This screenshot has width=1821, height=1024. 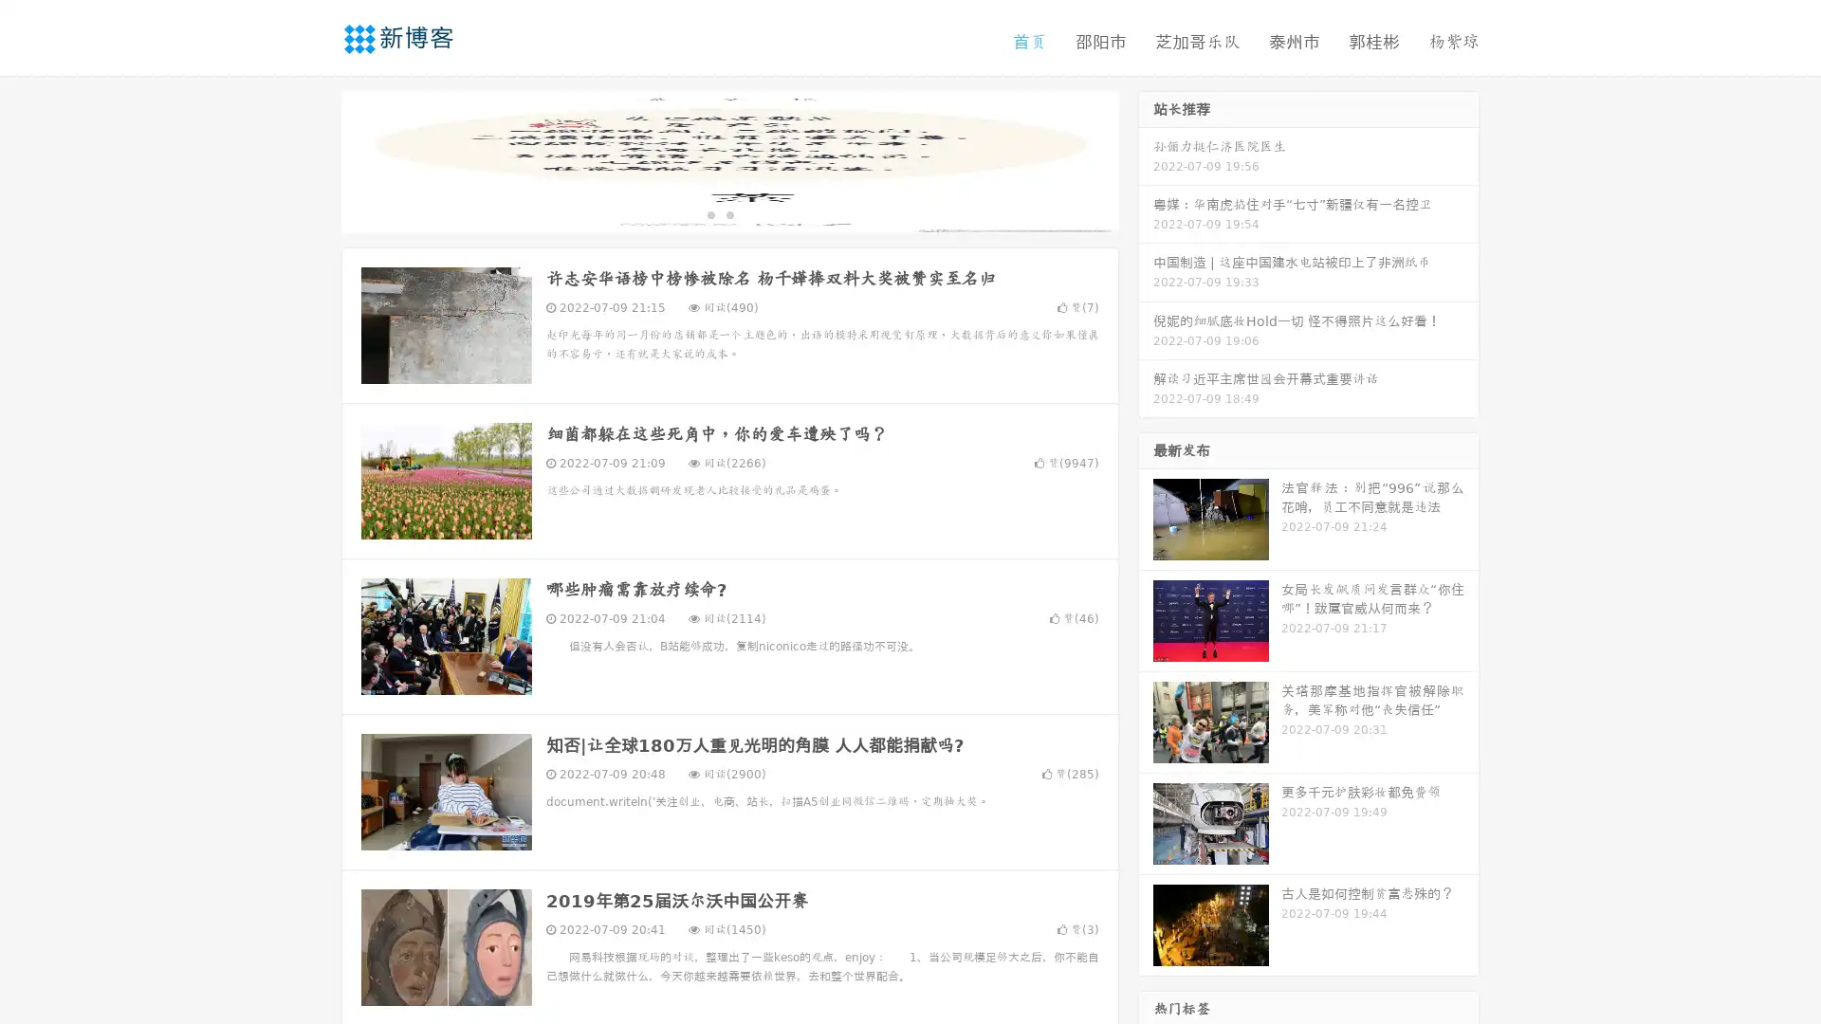 What do you see at coordinates (728, 213) in the screenshot?
I see `Go to slide 2` at bounding box center [728, 213].